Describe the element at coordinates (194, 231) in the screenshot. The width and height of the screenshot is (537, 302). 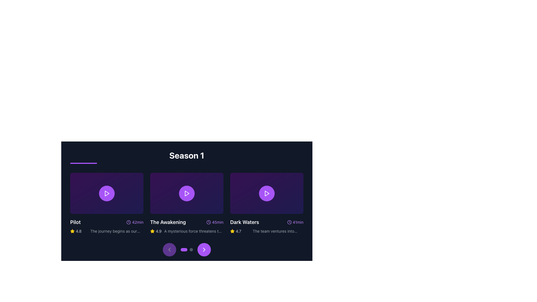
I see `text label located at the bottom of the second episode card, which is directly below a yellow star icon and a rating value of '4.9'` at that location.